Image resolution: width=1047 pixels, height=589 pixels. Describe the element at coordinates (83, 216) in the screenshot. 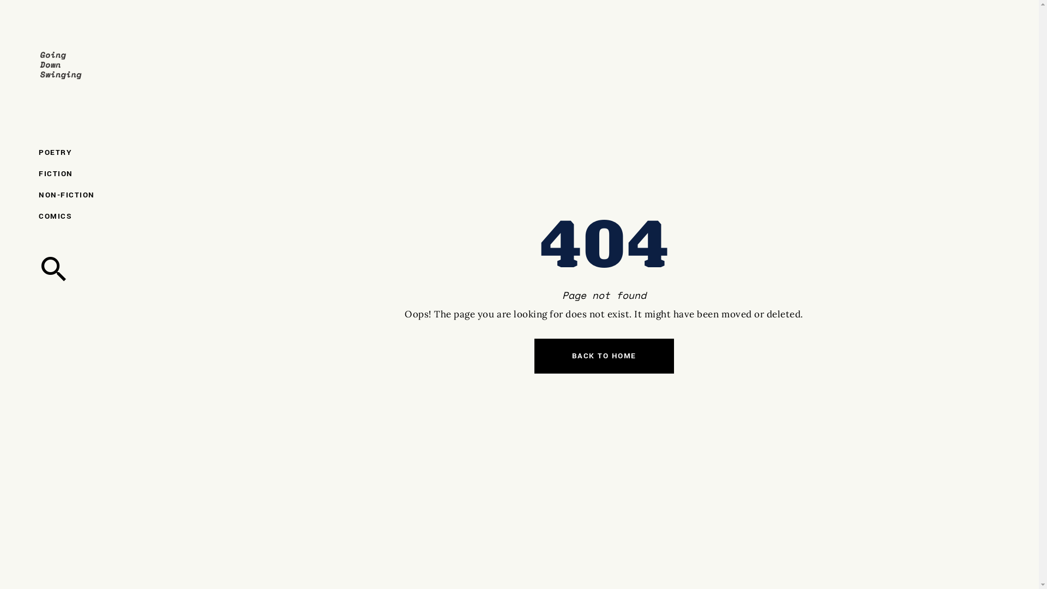

I see `'COMICS'` at that location.